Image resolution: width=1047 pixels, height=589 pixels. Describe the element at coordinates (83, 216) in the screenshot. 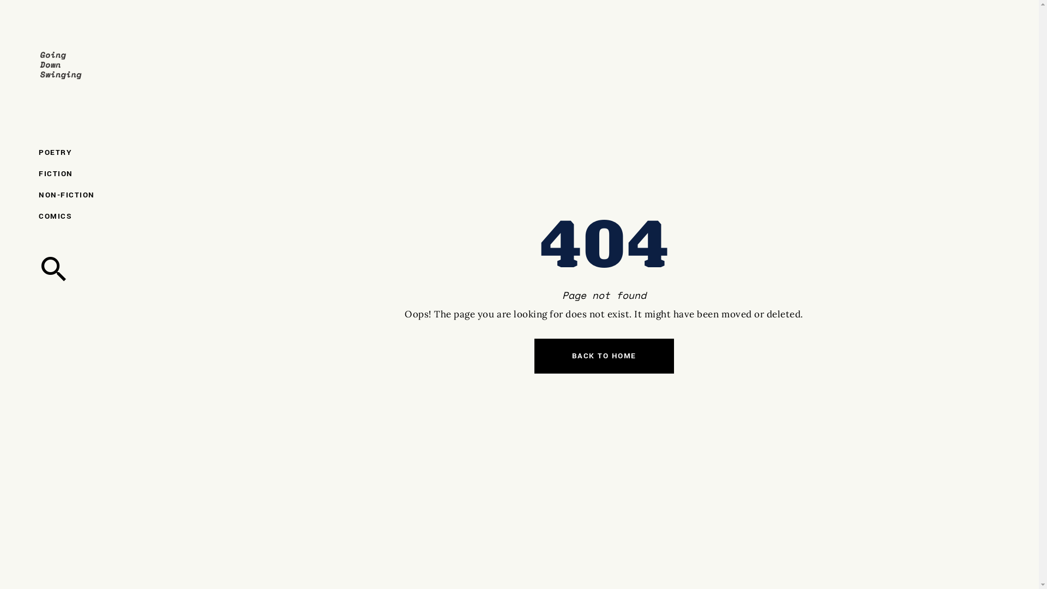

I see `'COMICS'` at that location.